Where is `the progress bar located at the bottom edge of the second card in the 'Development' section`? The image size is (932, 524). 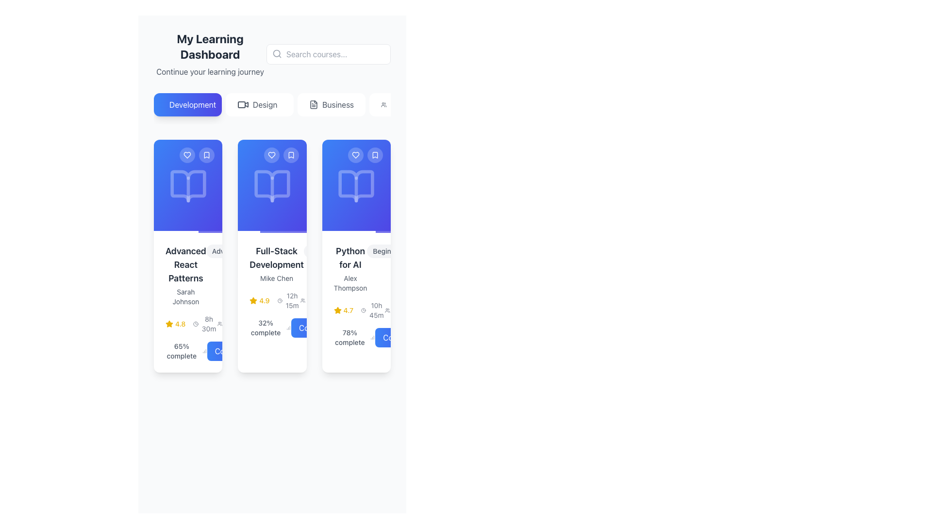
the progress bar located at the bottom edge of the second card in the 'Development' section is located at coordinates (249, 232).